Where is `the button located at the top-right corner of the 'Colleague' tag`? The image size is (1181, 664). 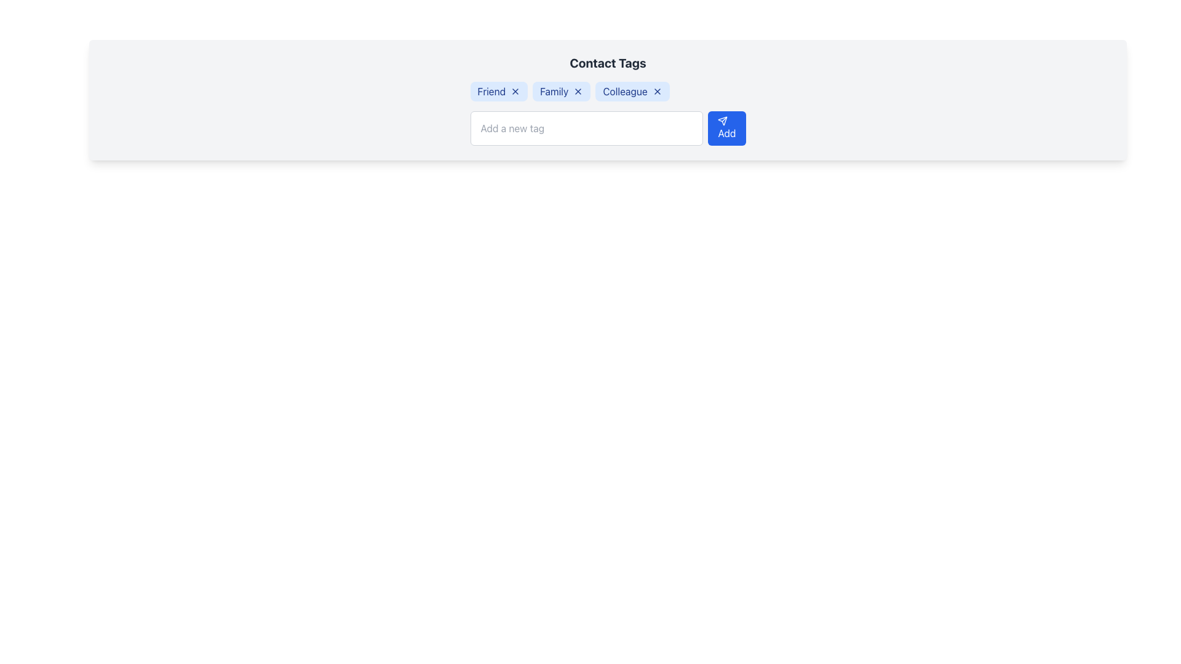
the button located at the top-right corner of the 'Colleague' tag is located at coordinates (656, 91).